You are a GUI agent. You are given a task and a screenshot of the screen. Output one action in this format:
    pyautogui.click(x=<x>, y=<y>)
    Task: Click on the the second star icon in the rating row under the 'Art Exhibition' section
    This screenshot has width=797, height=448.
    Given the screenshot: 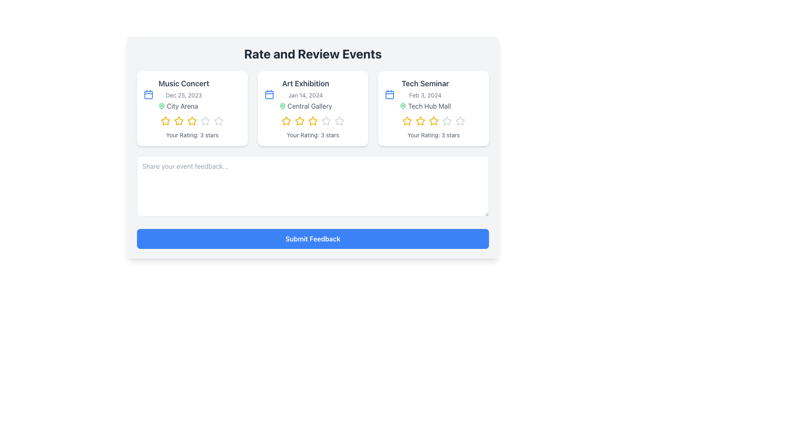 What is the action you would take?
    pyautogui.click(x=286, y=121)
    